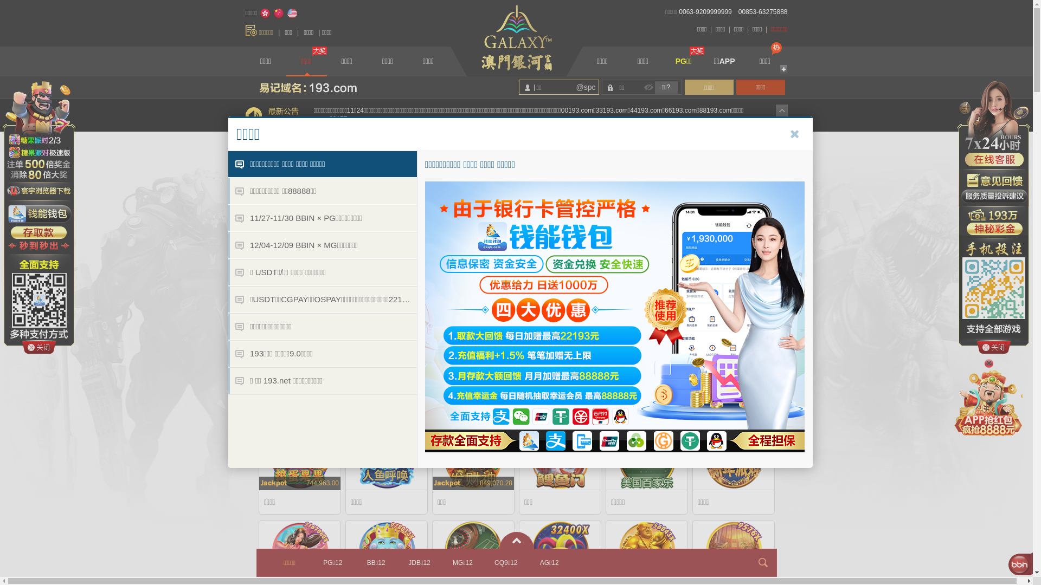 The image size is (1041, 585). What do you see at coordinates (292, 13) in the screenshot?
I see `'English'` at bounding box center [292, 13].